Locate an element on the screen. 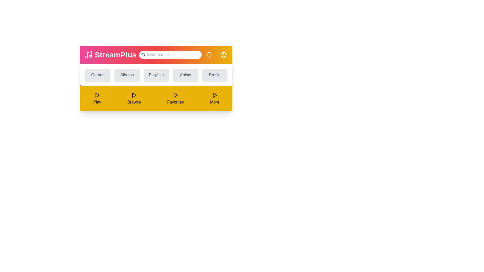 This screenshot has width=484, height=272. the 'Genres' button to navigate to genres is located at coordinates (98, 75).